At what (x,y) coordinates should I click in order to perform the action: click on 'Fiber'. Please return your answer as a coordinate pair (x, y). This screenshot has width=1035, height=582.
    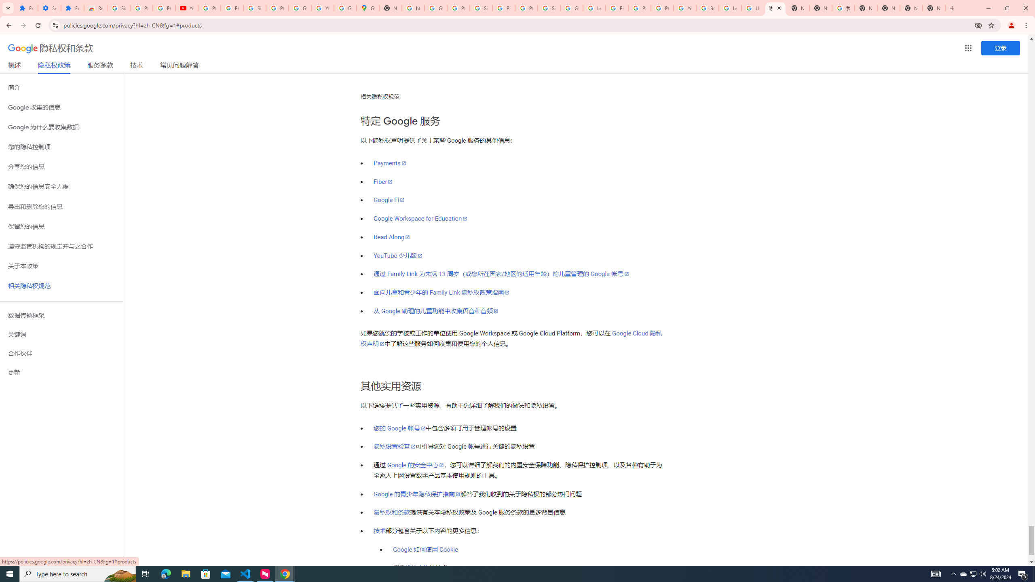
    Looking at the image, I should click on (383, 181).